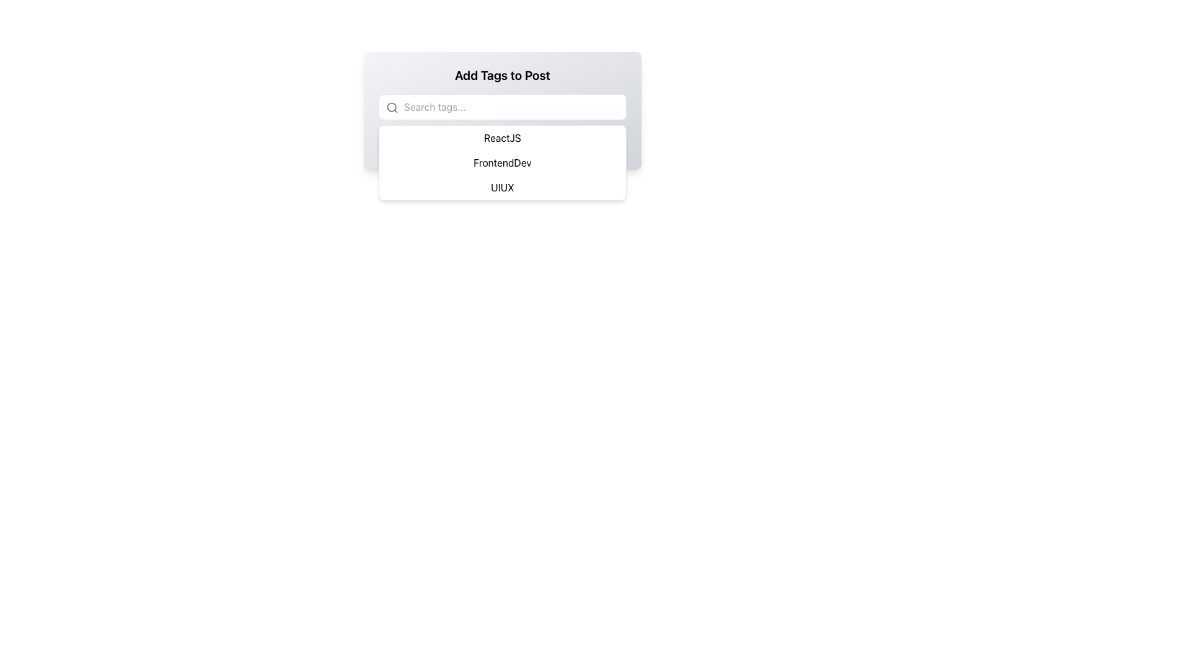 The width and height of the screenshot is (1190, 669). Describe the element at coordinates (503, 138) in the screenshot. I see `the first list item in the dropdown menu` at that location.